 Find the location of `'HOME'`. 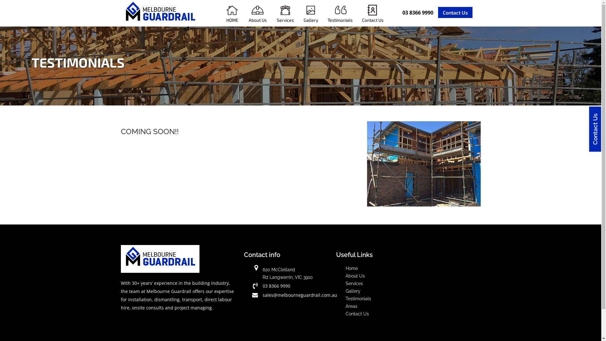

'HOME' is located at coordinates (221, 13).